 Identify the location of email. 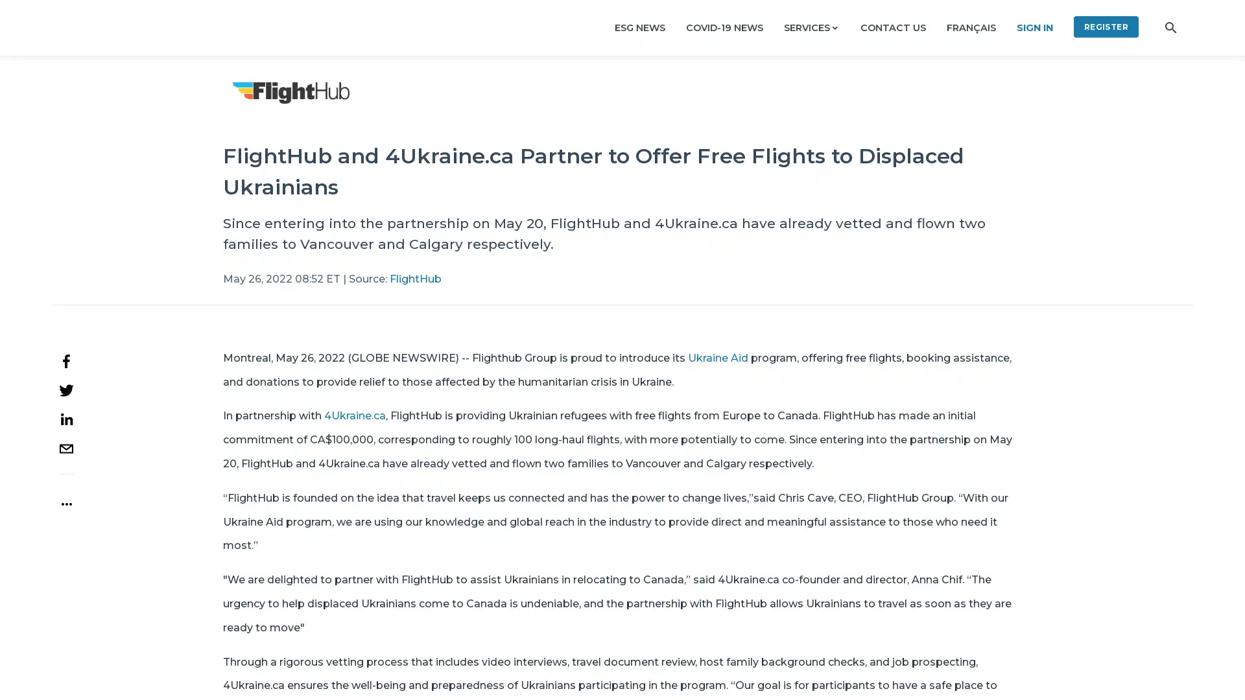
(65, 447).